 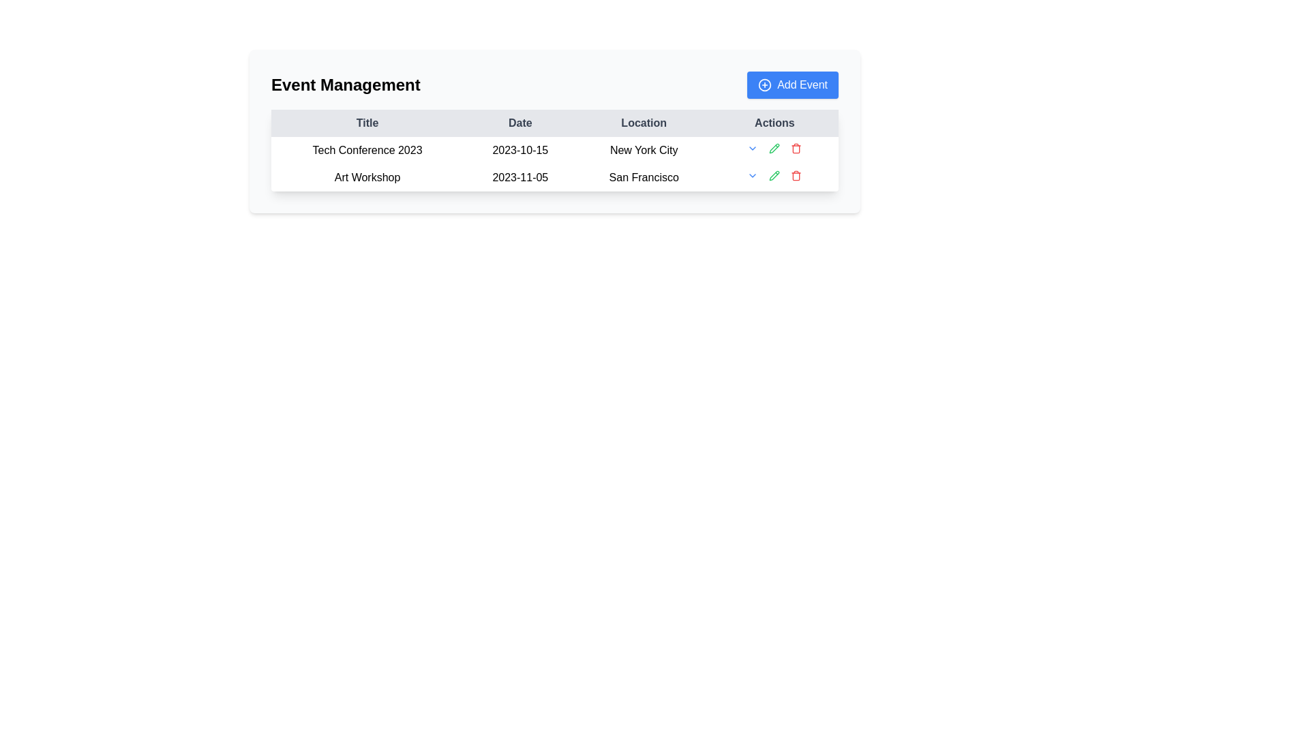 What do you see at coordinates (643, 150) in the screenshot?
I see `the text label displaying 'New York City' located in the third column of the first row in the table-like structure, following the date '2023-10-15'` at bounding box center [643, 150].